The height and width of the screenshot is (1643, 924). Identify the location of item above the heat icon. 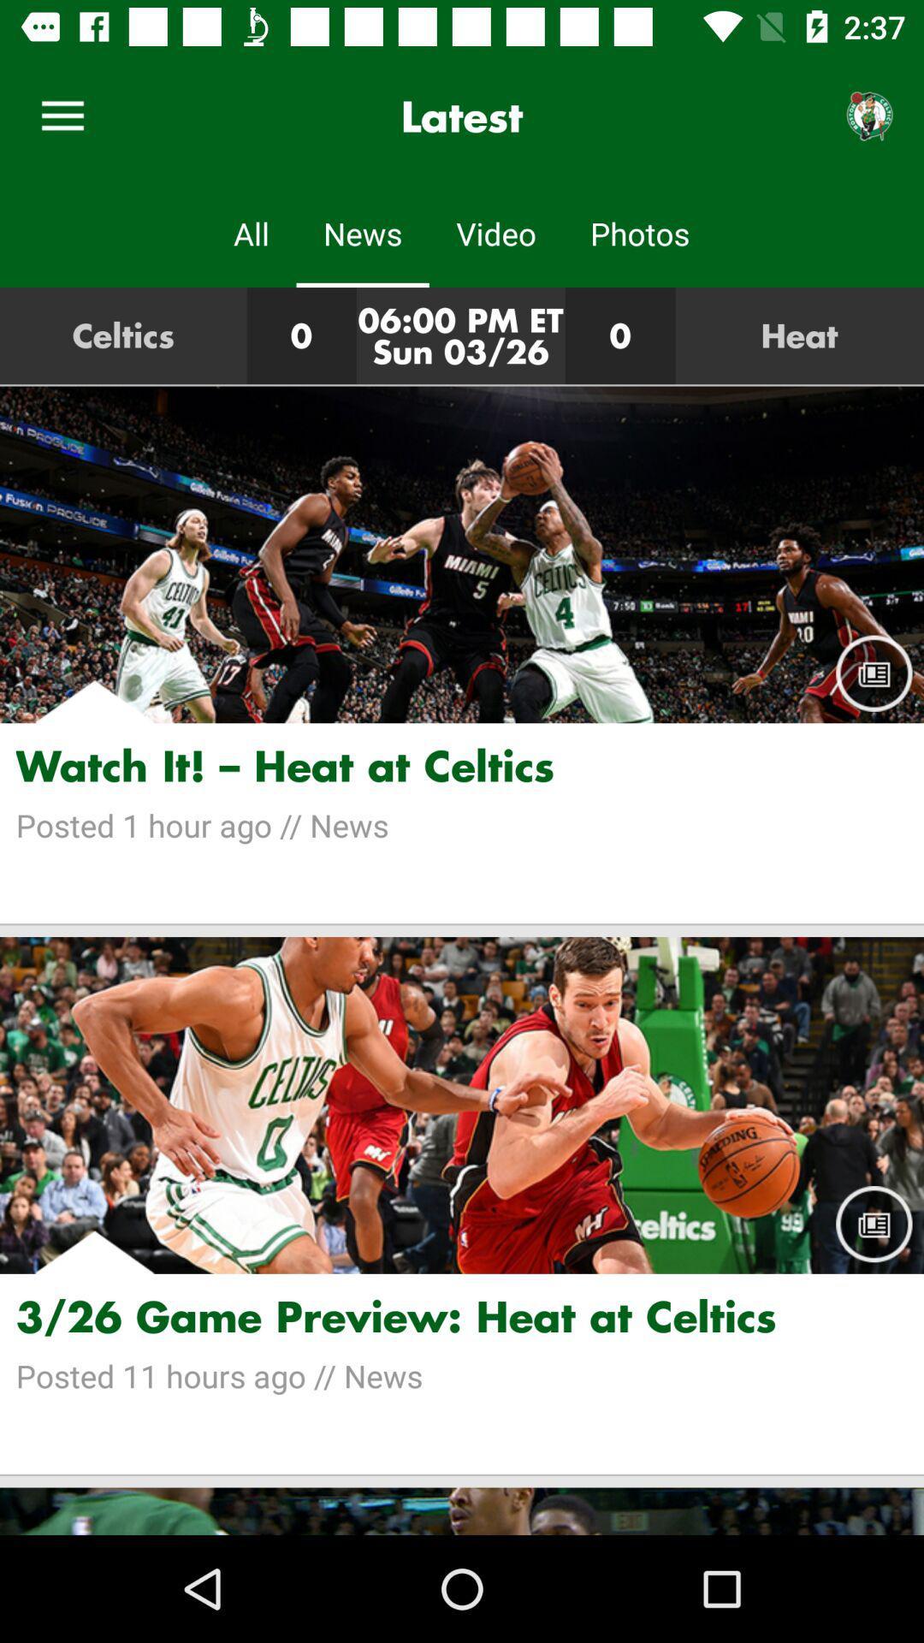
(870, 116).